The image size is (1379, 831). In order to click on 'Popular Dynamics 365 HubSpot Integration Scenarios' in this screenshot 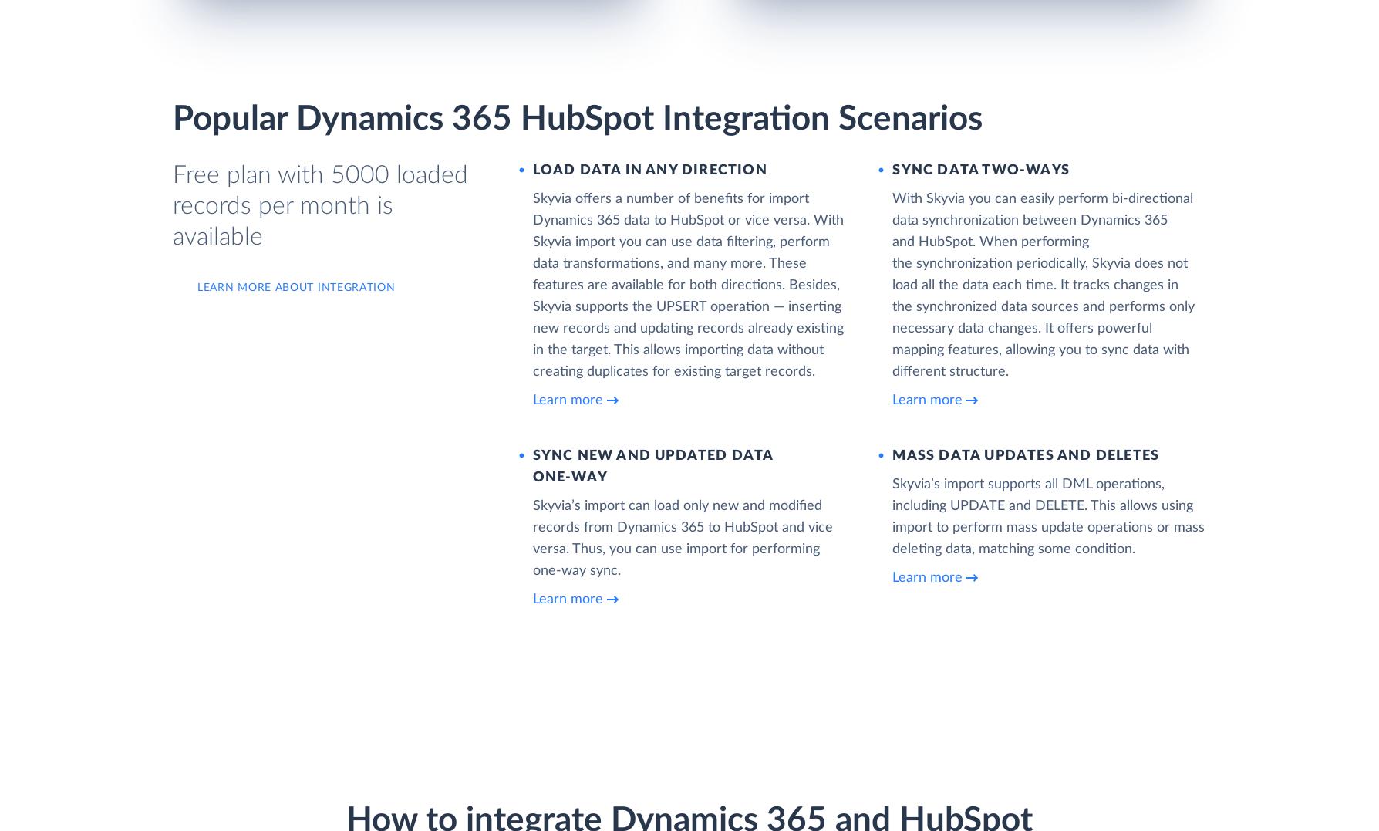, I will do `click(576, 119)`.